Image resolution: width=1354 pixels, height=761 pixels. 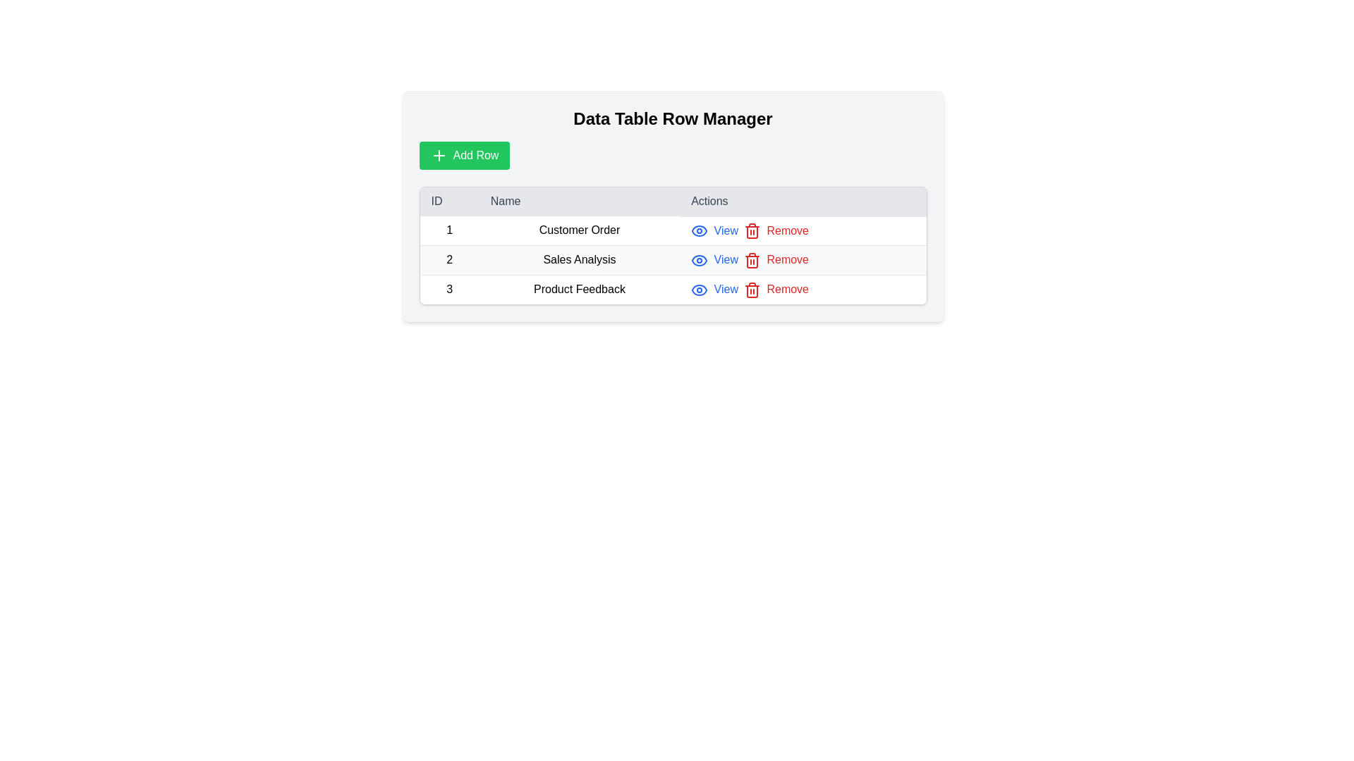 What do you see at coordinates (672, 260) in the screenshot?
I see `the second row in the data table, which displays information labeled under ID '2', located between rows with IDs '1' and '3'` at bounding box center [672, 260].